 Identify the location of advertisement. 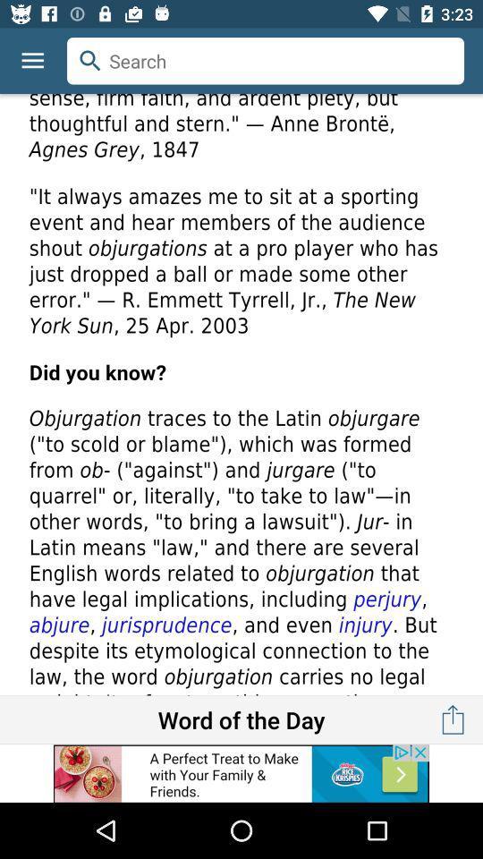
(241, 772).